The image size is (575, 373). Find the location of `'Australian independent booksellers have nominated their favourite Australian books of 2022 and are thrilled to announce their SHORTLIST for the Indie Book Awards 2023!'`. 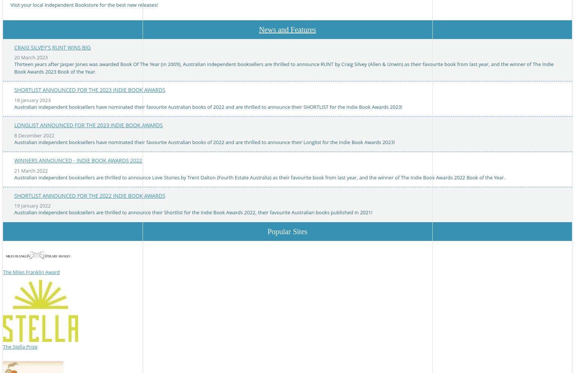

'Australian independent booksellers have nominated their favourite Australian books of 2022 and are thrilled to announce their SHORTLIST for the Indie Book Awards 2023!' is located at coordinates (208, 106).